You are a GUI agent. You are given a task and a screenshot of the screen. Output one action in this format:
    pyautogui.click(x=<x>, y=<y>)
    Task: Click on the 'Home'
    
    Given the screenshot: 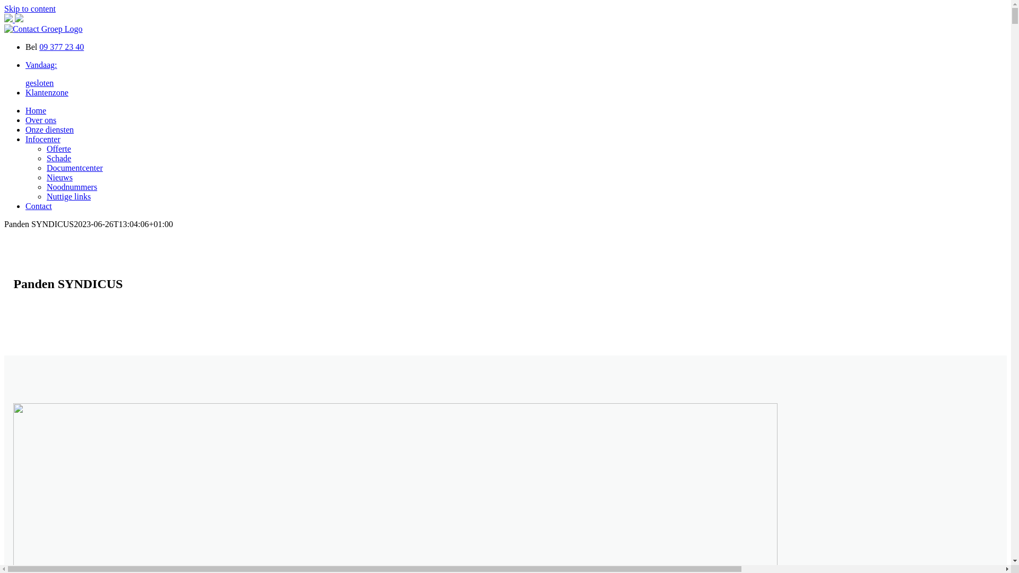 What is the action you would take?
    pyautogui.click(x=25, y=110)
    